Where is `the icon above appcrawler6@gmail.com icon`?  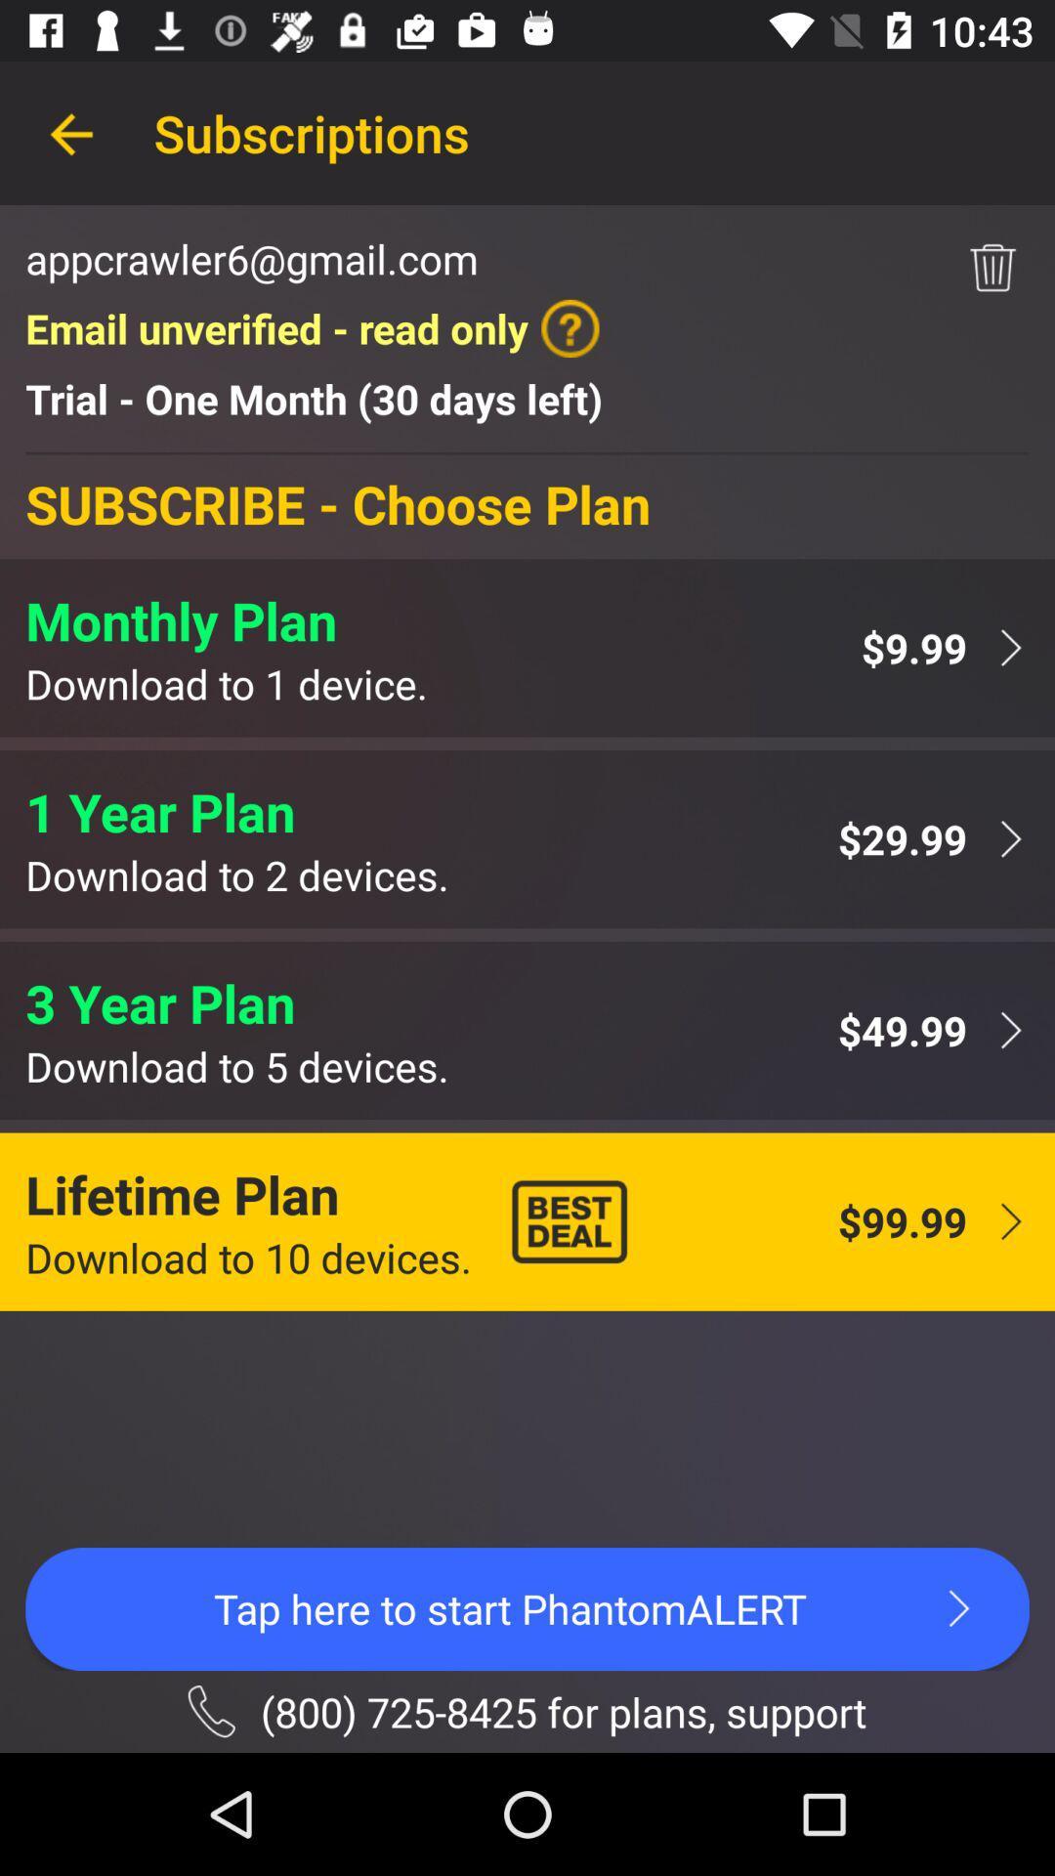
the icon above appcrawler6@gmail.com icon is located at coordinates (70, 132).